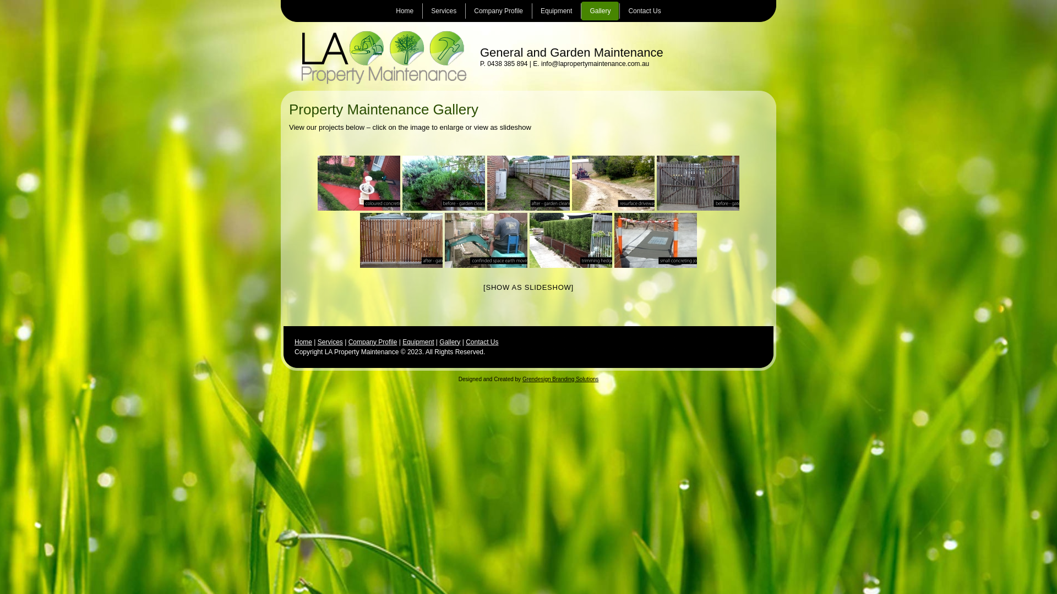 This screenshot has width=1057, height=594. Describe the element at coordinates (528, 287) in the screenshot. I see `'[SHOW AS SLIDESHOW]'` at that location.